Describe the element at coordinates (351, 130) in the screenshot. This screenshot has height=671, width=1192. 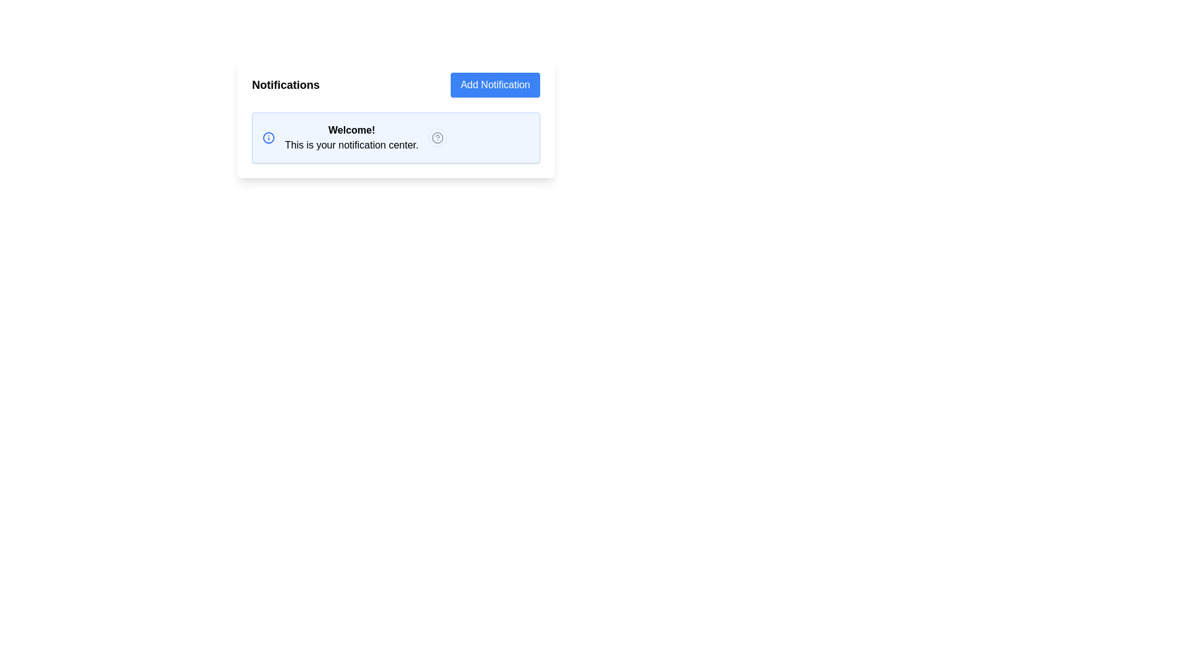
I see `the bold-styled static text saying 'Welcome!' at the start of the notification card` at that location.